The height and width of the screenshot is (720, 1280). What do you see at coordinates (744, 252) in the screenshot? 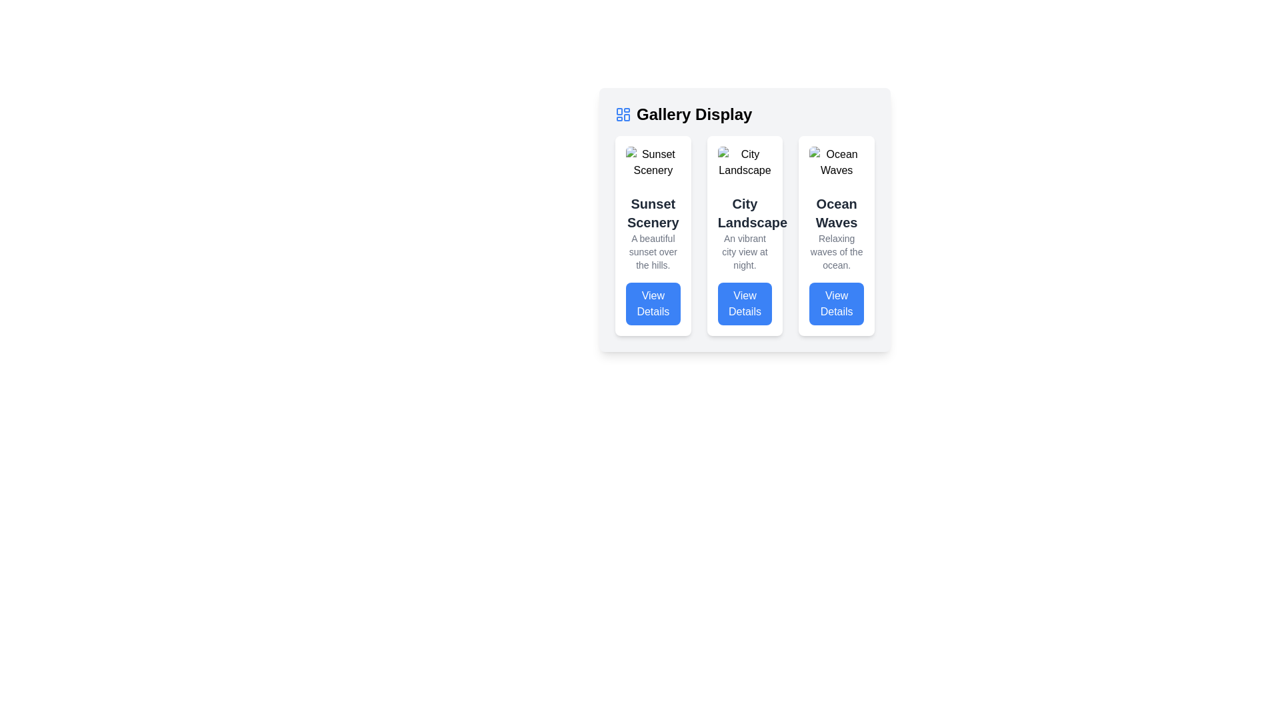
I see `the small gray text that reads 'An vibrant city view at night' located in the middle panel titled 'City Landscape', below the main title and above the 'View Details' button` at bounding box center [744, 252].